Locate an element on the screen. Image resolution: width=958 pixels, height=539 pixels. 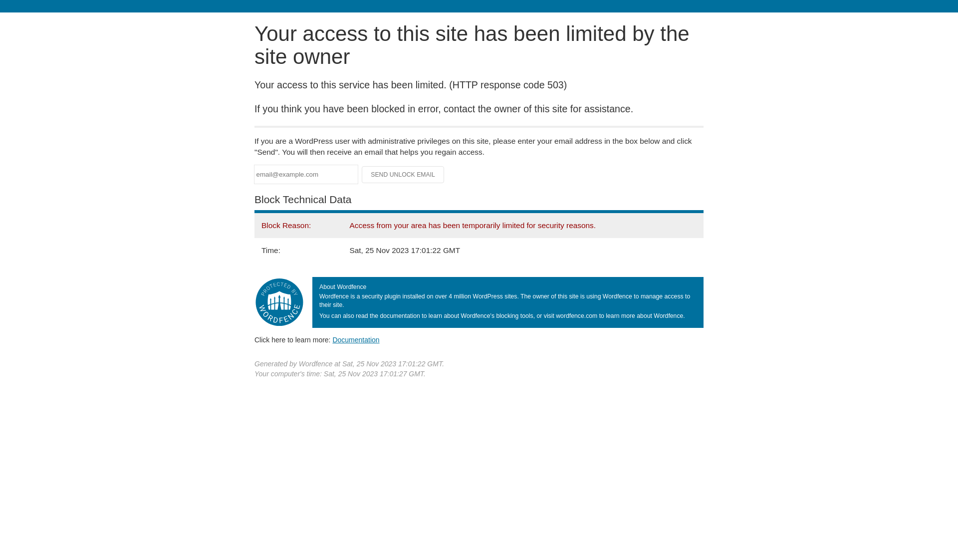
'Documentation' is located at coordinates (332, 339).